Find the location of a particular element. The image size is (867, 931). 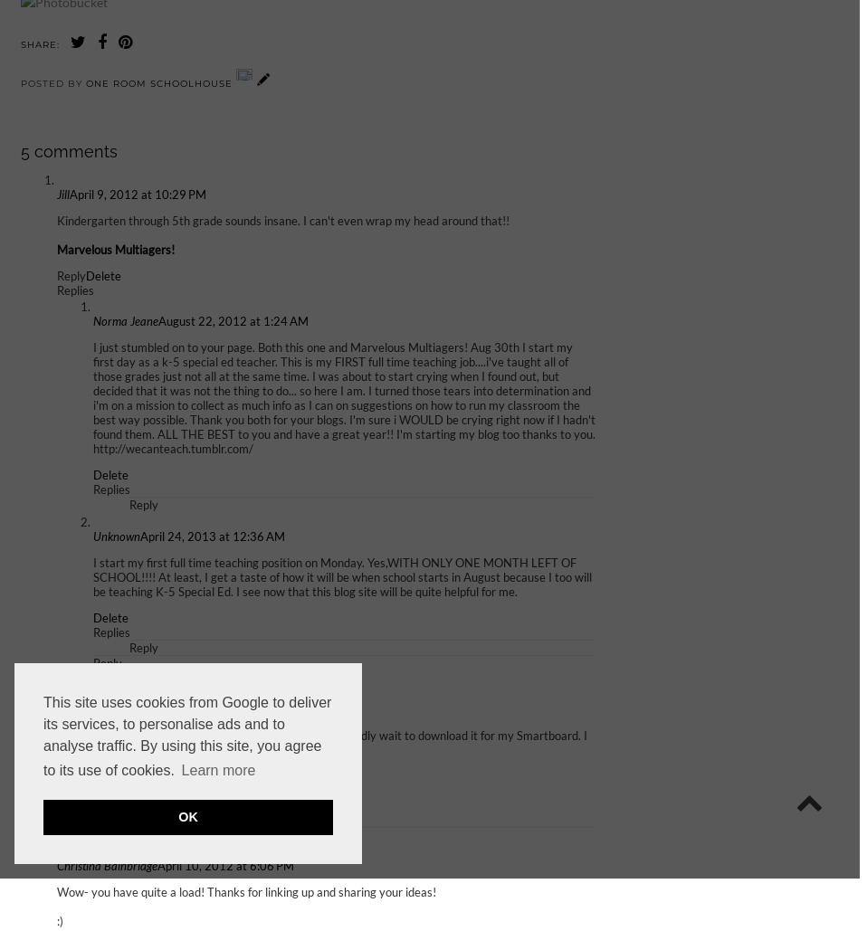

'April 10, 2012 at 6:06 PM' is located at coordinates (225, 865).